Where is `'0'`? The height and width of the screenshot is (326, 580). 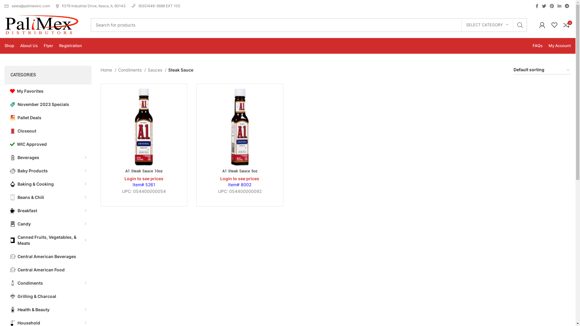 '0' is located at coordinates (566, 24).